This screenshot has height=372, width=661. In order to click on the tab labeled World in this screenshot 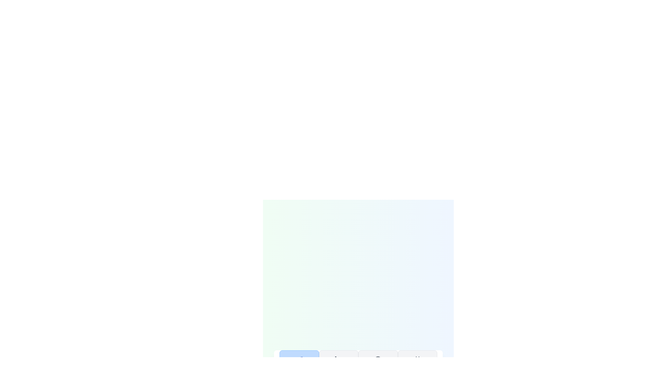, I will do `click(378, 366)`.